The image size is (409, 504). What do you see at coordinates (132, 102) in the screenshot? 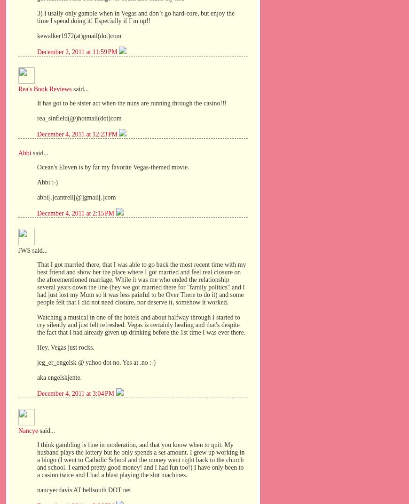
I see `'It has got to be sister act when the nuns are running through the casino!!!'` at bounding box center [132, 102].